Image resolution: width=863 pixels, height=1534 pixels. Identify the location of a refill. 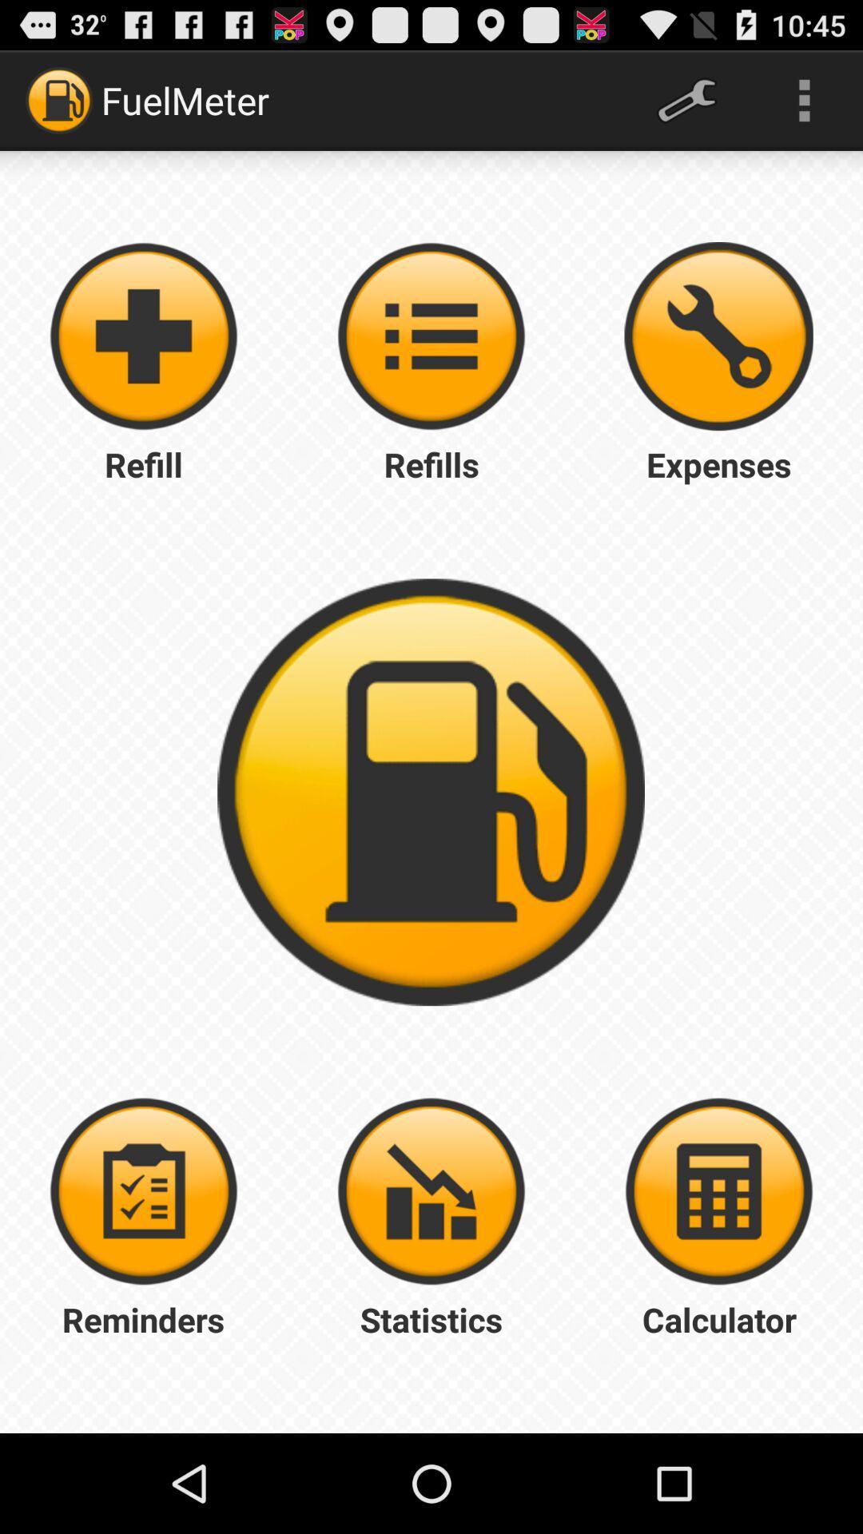
(144, 336).